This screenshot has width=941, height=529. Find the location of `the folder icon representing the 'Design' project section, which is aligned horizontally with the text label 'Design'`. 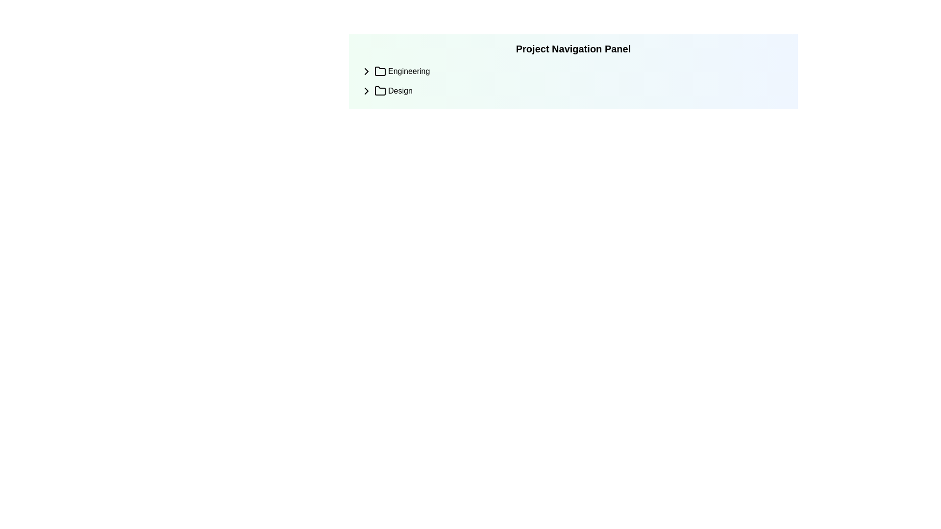

the folder icon representing the 'Design' project section, which is aligned horizontally with the text label 'Design' is located at coordinates (380, 91).